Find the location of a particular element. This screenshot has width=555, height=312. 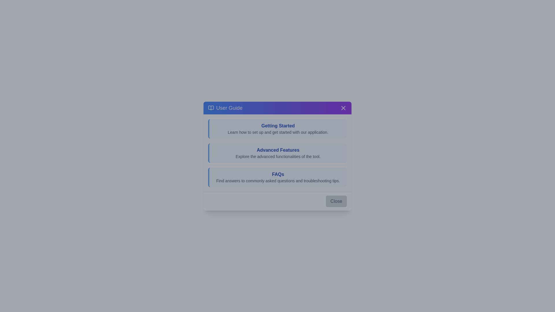

the Close Button (SVG graphic) located in the top-right corner of the 'User Guide' dialog box to indicate interactivity is located at coordinates (343, 108).